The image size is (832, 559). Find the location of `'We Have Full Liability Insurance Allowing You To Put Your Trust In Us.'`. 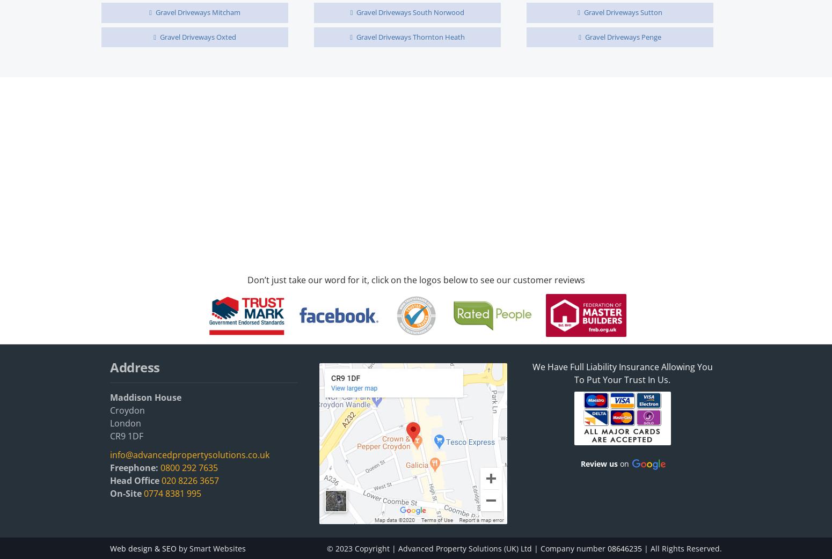

'We Have Full Liability Insurance Allowing You To Put Your Trust In Us.' is located at coordinates (621, 372).